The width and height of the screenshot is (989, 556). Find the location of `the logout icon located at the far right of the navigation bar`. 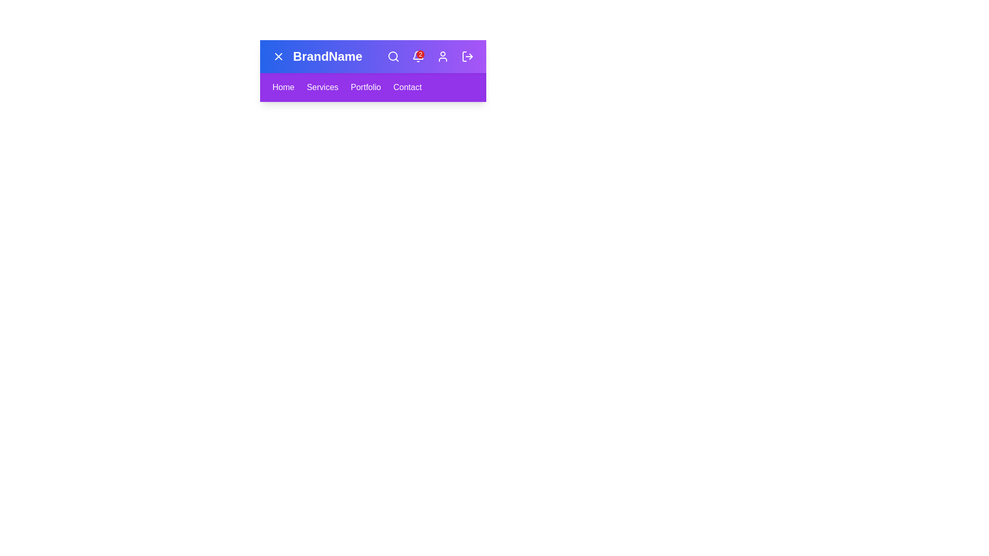

the logout icon located at the far right of the navigation bar is located at coordinates (467, 57).